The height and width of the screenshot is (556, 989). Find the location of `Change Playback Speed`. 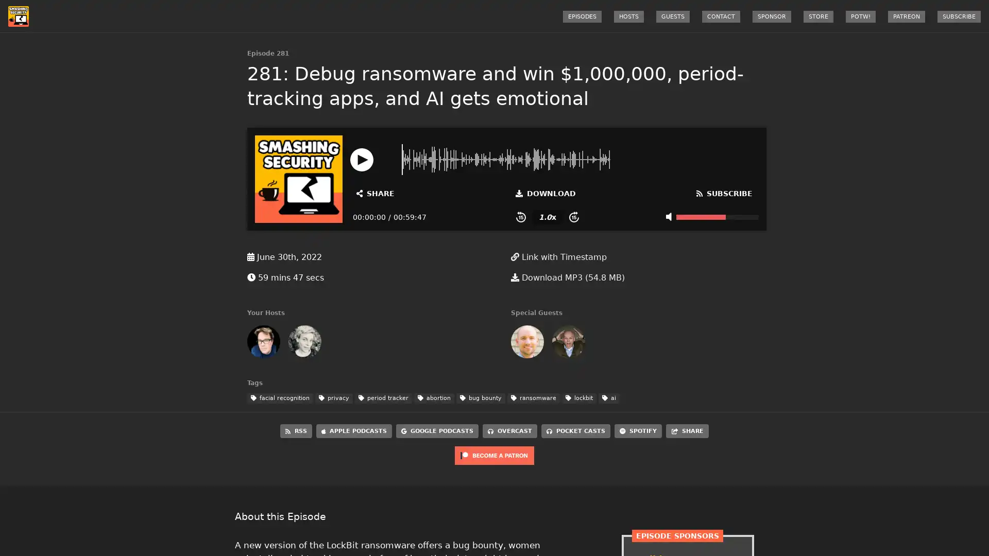

Change Playback Speed is located at coordinates (547, 216).